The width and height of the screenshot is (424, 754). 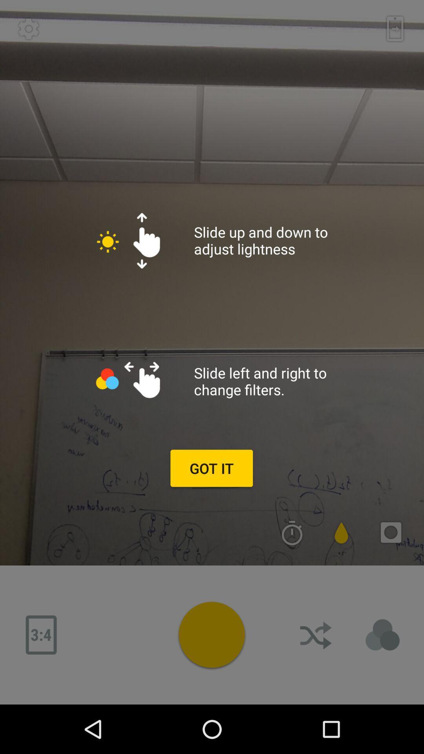 I want to click on capture, so click(x=211, y=635).